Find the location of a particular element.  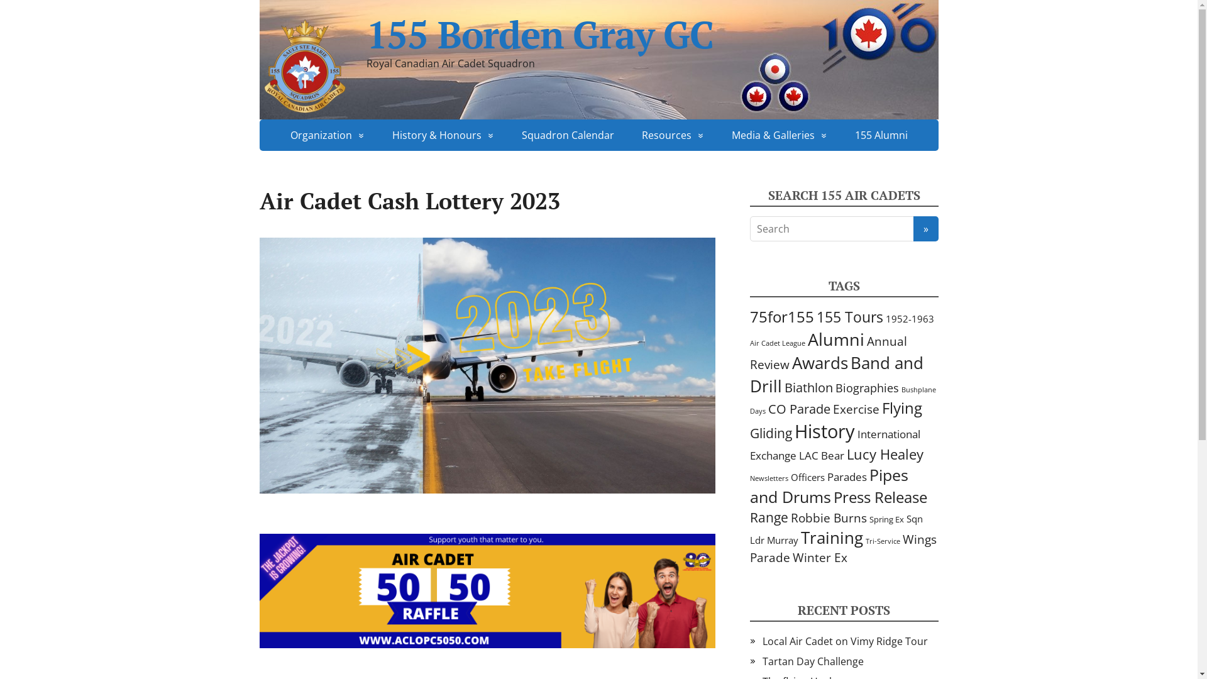

'Winter Ex' is located at coordinates (819, 556).